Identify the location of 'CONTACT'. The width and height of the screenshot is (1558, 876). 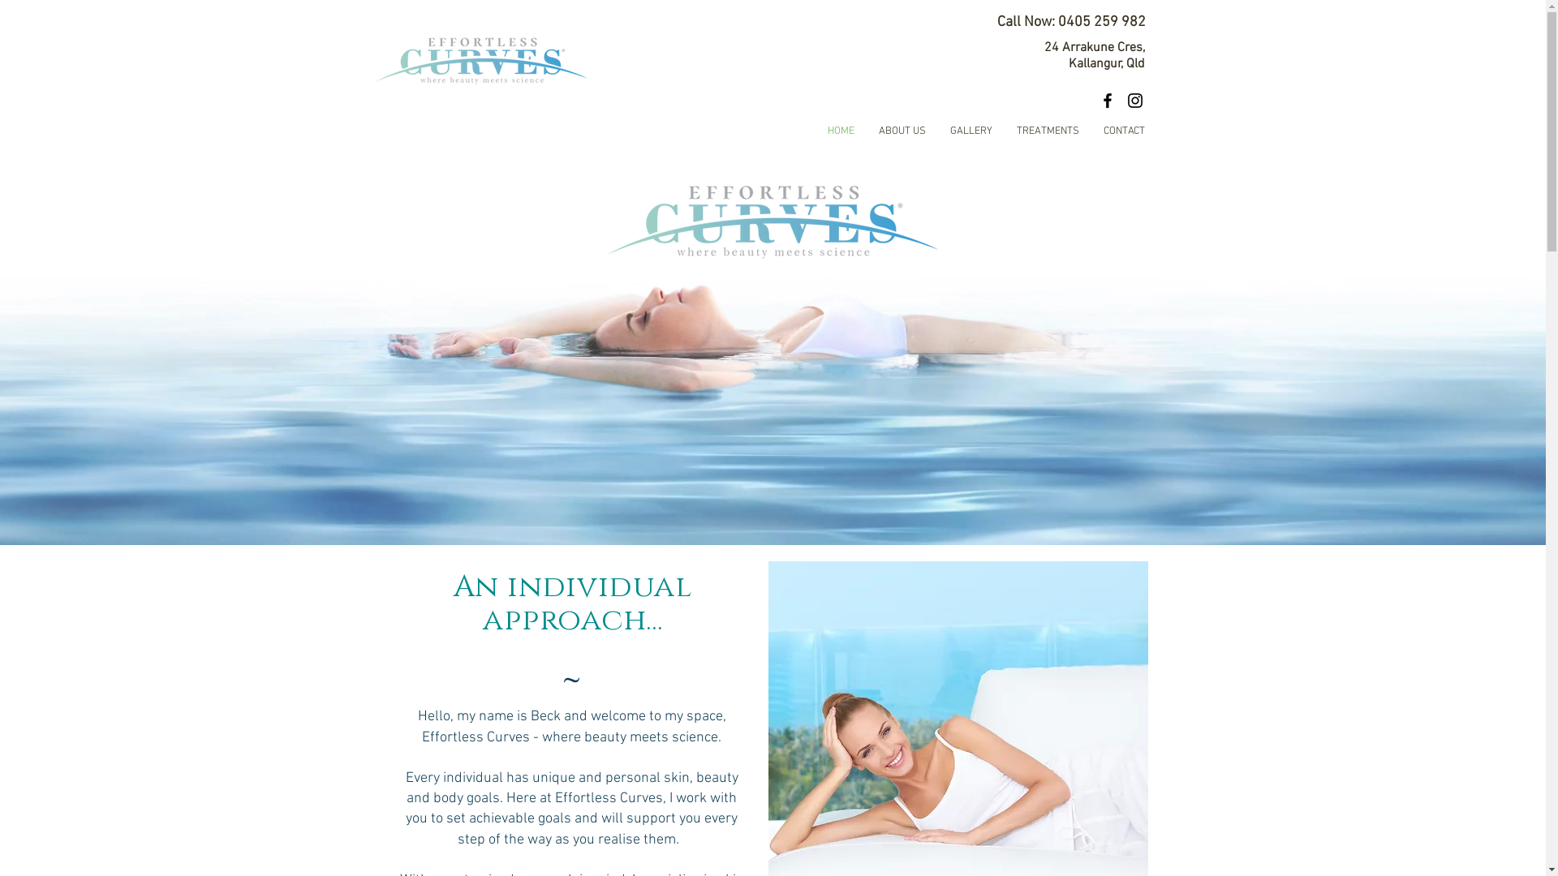
(1122, 131).